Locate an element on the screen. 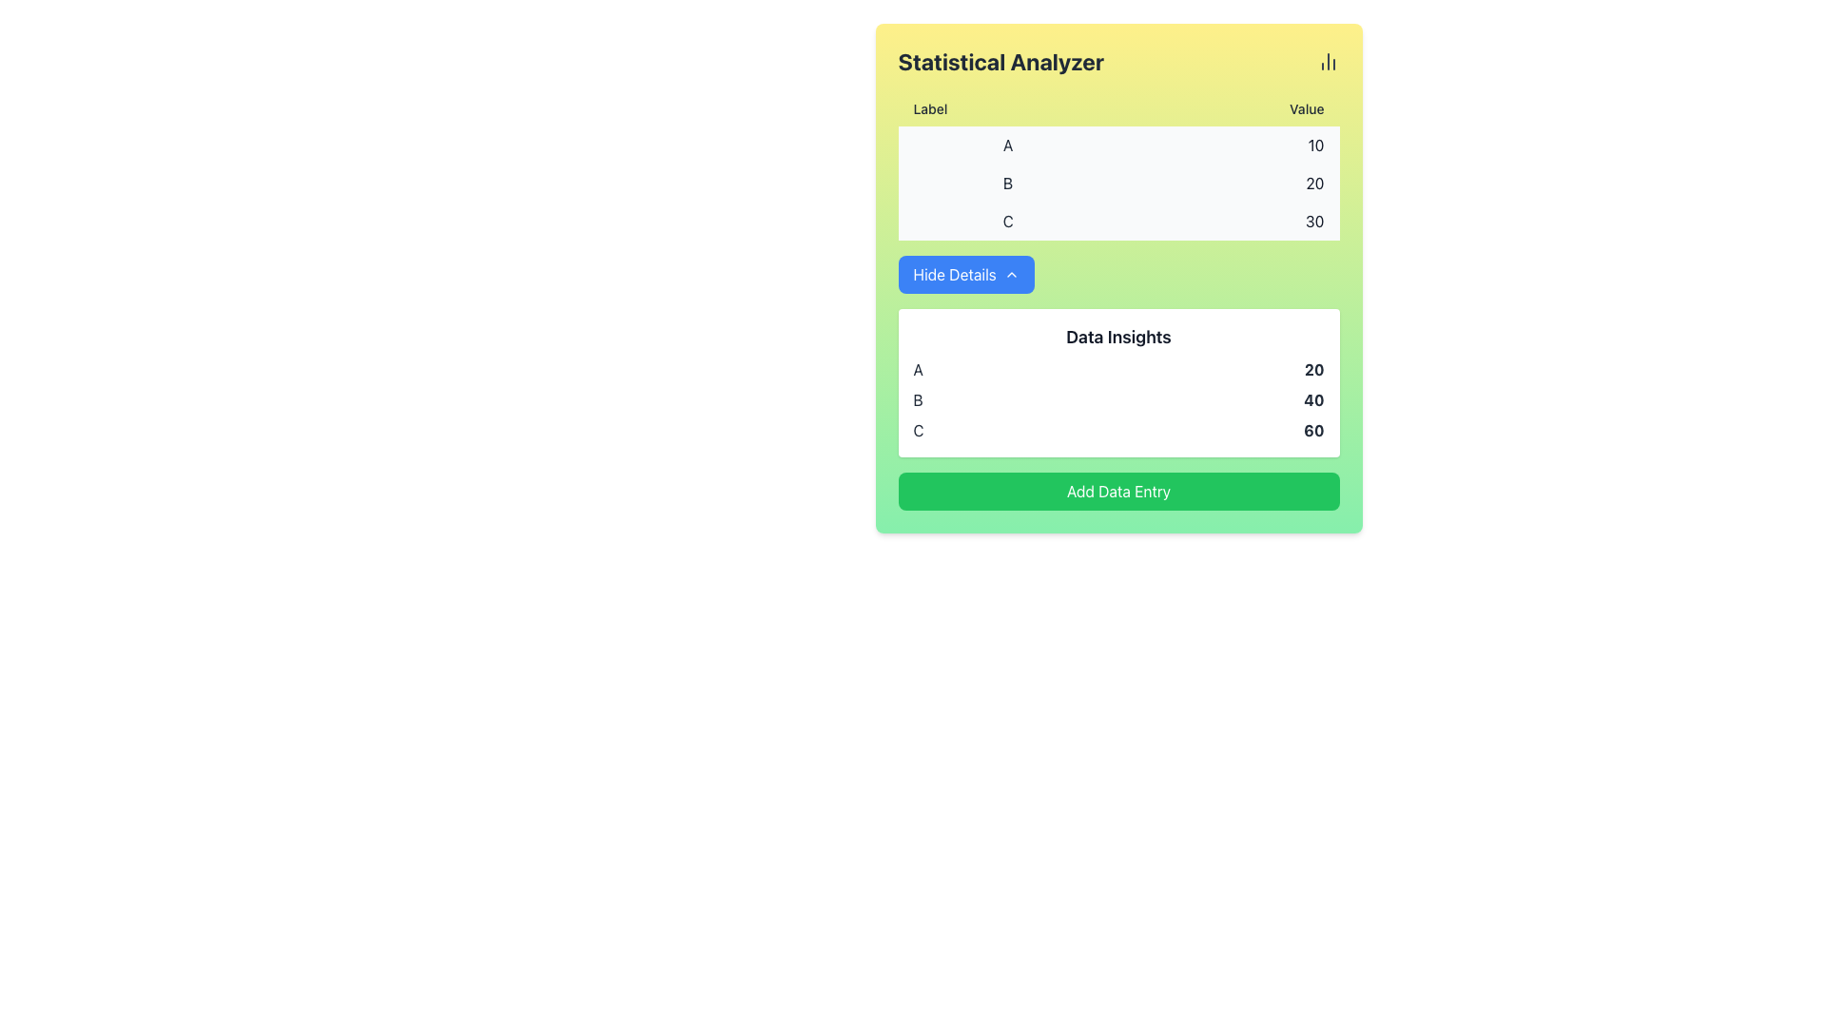 This screenshot has width=1826, height=1027. the text label located in the middle row of the grid, which is positioned between the labels 'A' above and 'C' below is located at coordinates (1007, 183).